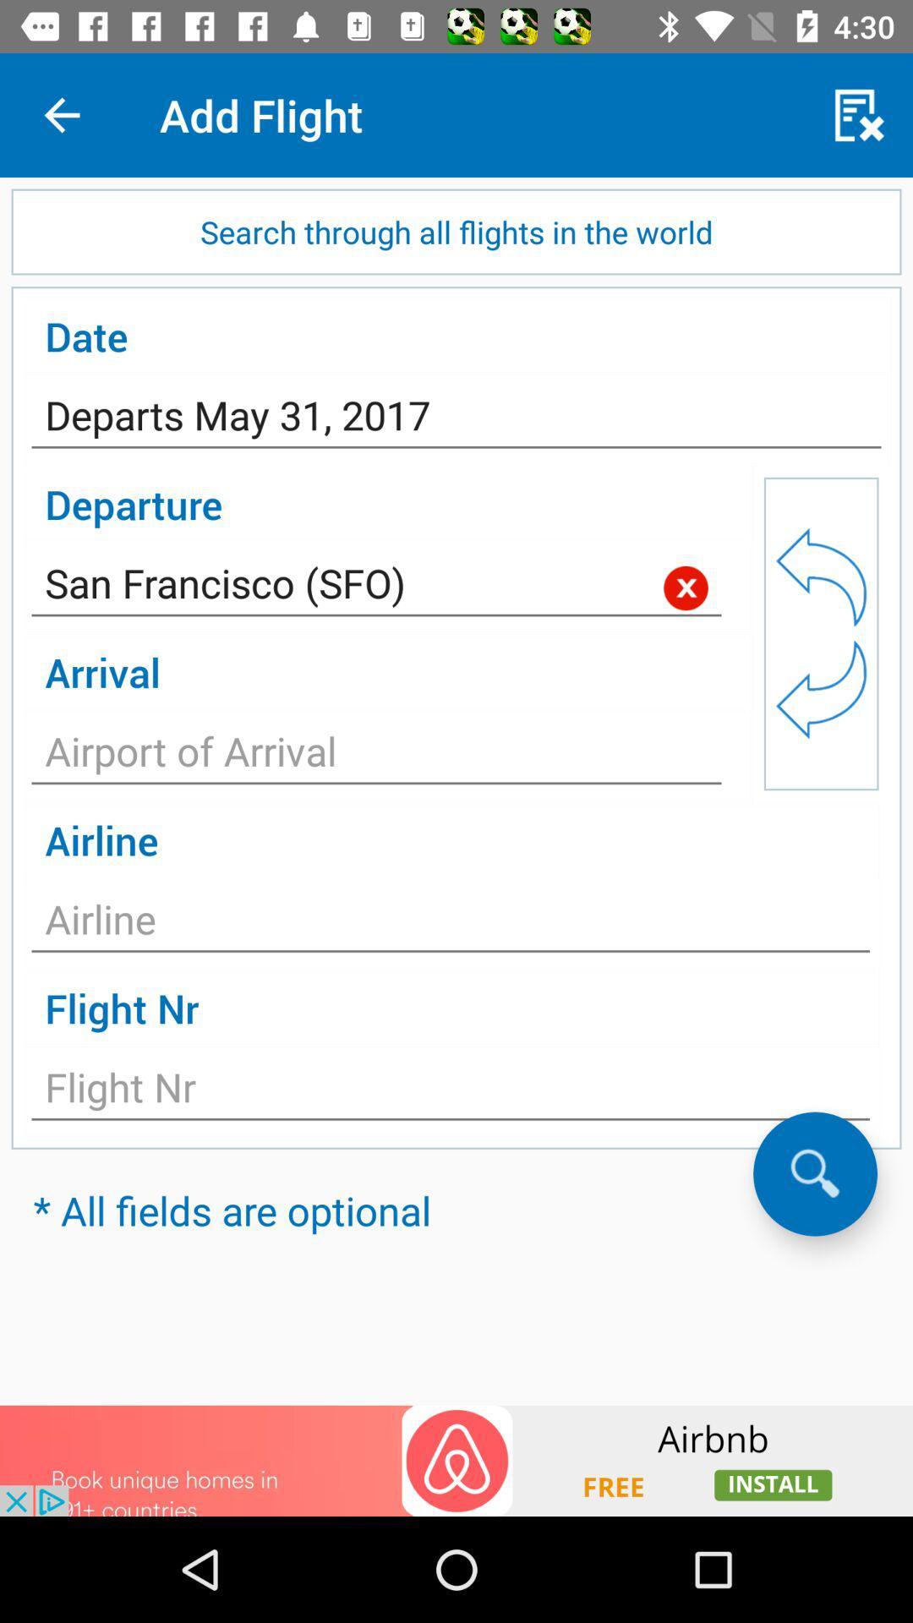 This screenshot has width=913, height=1623. What do you see at coordinates (814, 1172) in the screenshot?
I see `the search icon` at bounding box center [814, 1172].